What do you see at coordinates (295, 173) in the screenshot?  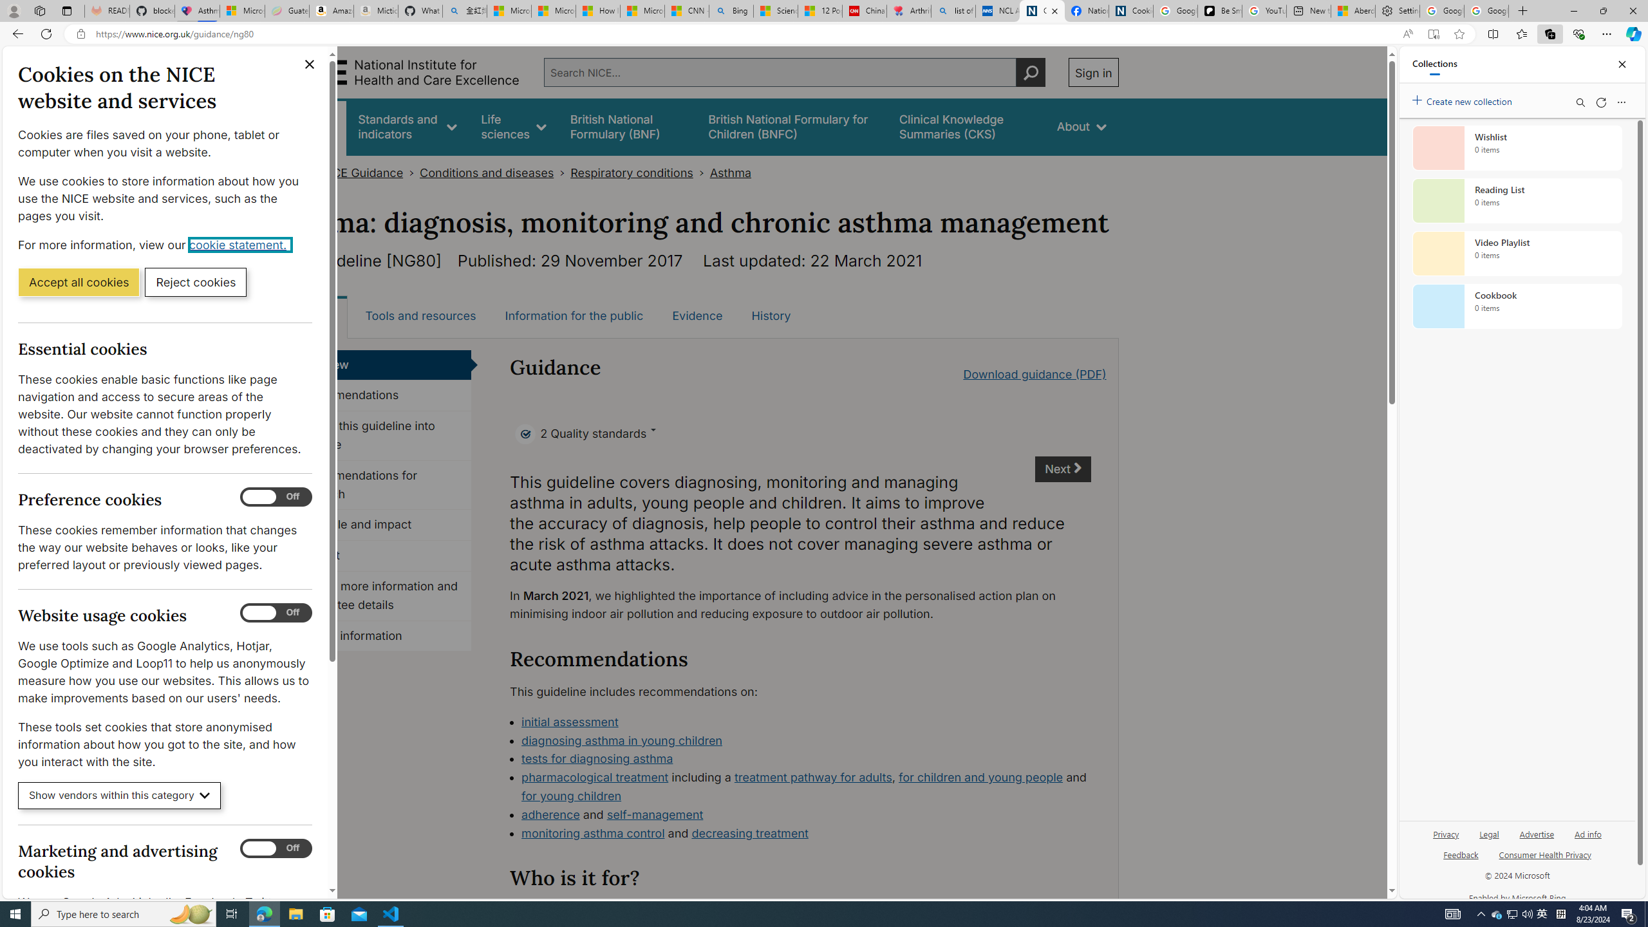 I see `'Home>'` at bounding box center [295, 173].